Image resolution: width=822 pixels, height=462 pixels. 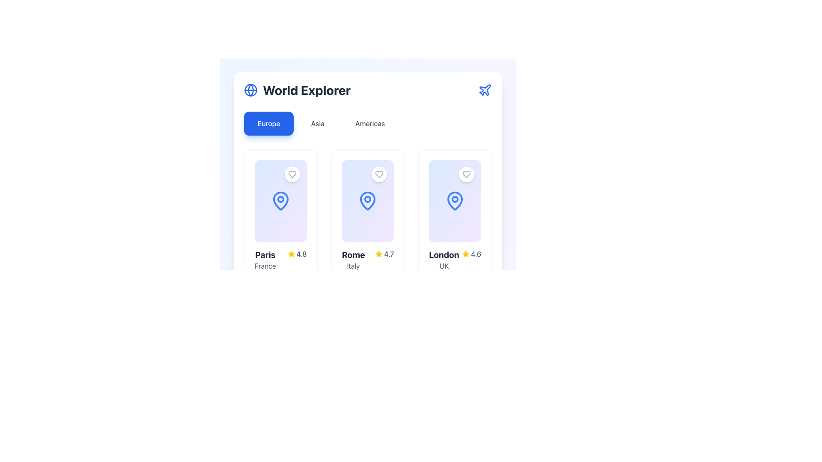 What do you see at coordinates (471, 254) in the screenshot?
I see `the rating display showing '4.6' next to a filled yellow star icon within the 'London' card layout` at bounding box center [471, 254].